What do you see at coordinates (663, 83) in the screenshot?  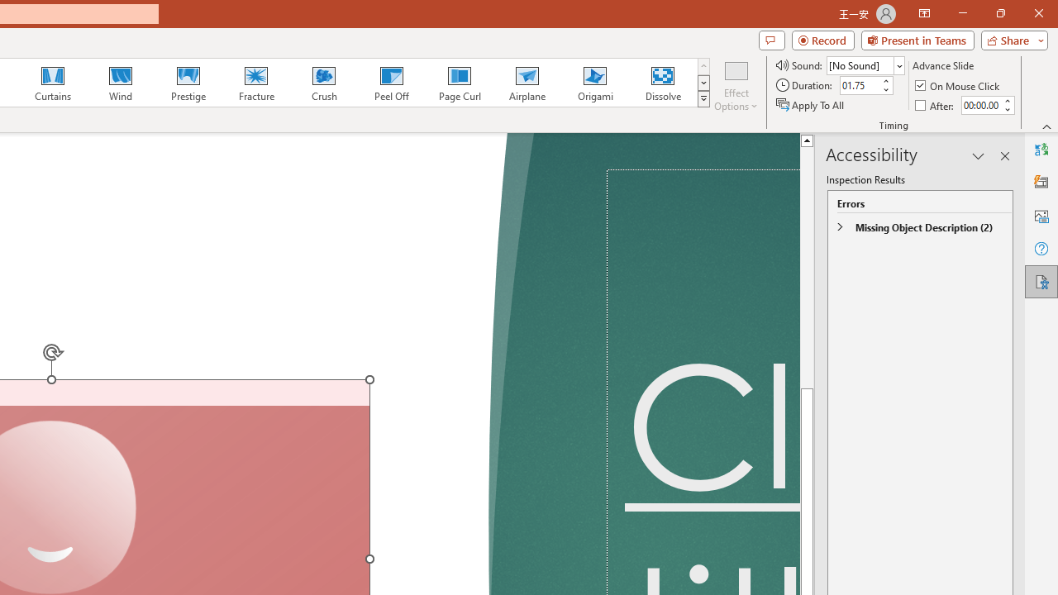 I see `'Dissolve'` at bounding box center [663, 83].